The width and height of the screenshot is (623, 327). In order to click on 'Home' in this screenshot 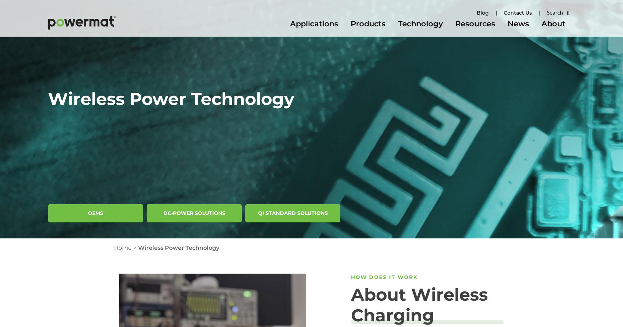, I will do `click(122, 247)`.